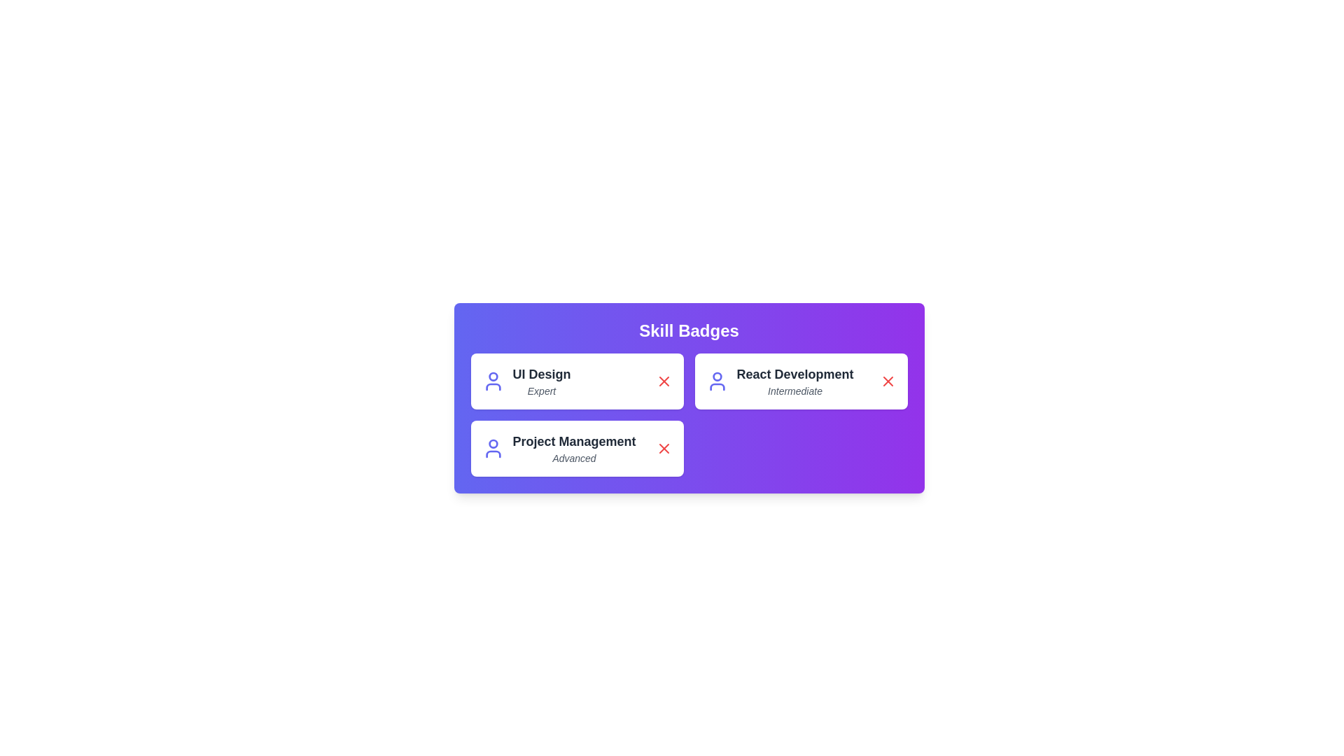  What do you see at coordinates (663, 381) in the screenshot?
I see `close button for the skill chip labeled 'UI Design'` at bounding box center [663, 381].